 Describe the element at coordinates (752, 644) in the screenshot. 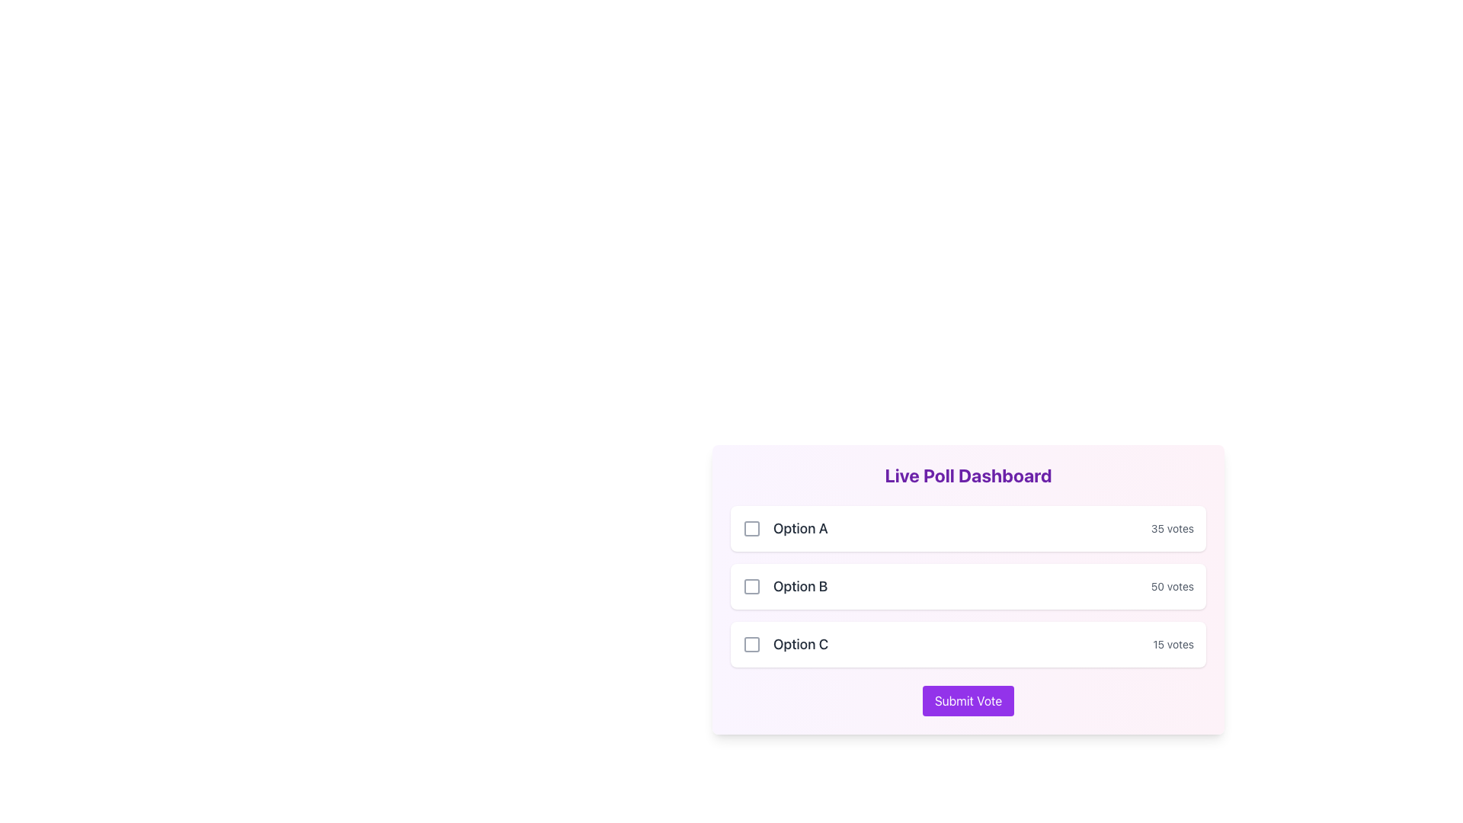

I see `the checkbox associated with 'Option C' in the Live Poll Dashboard` at that location.